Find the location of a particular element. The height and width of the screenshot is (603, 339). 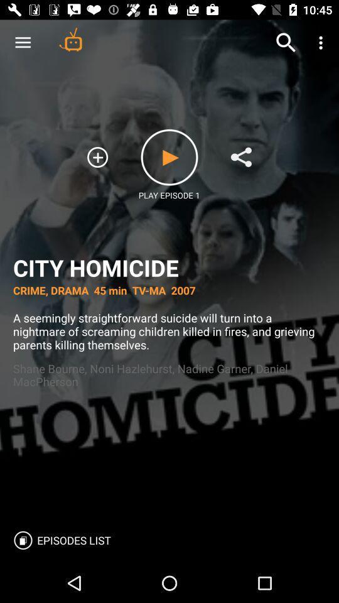

icon above the play episode 1 item is located at coordinates (169, 156).